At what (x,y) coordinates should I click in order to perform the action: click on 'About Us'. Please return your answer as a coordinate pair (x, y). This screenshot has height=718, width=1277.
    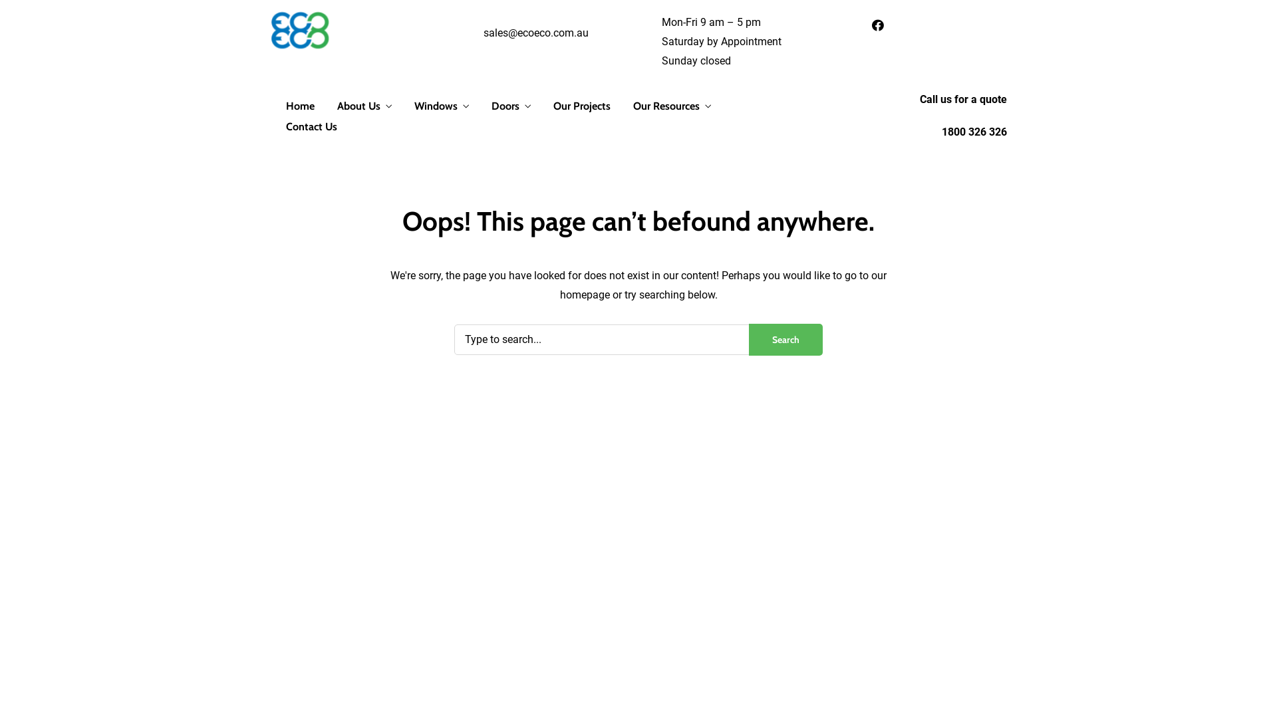
    Looking at the image, I should click on (337, 106).